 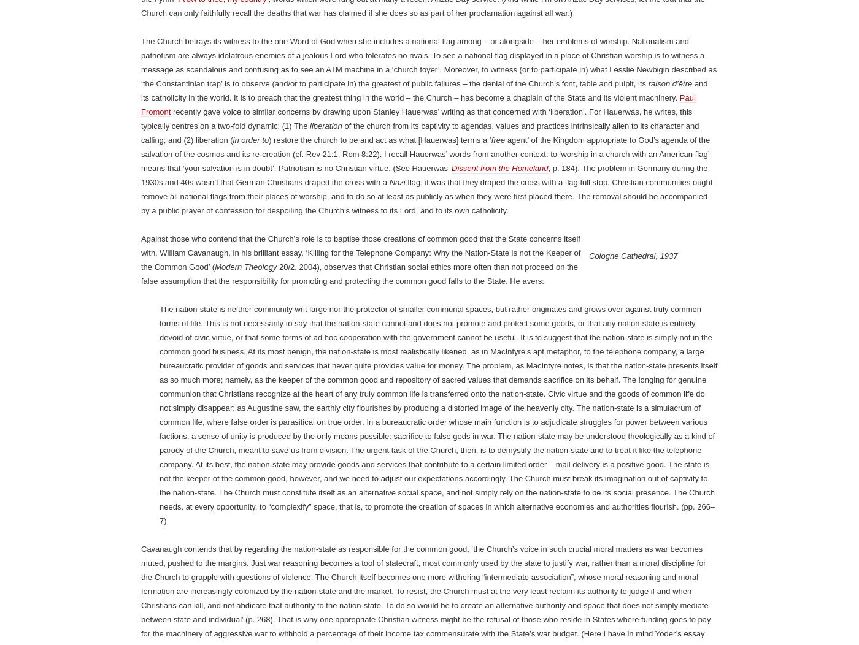 What do you see at coordinates (275, 32) in the screenshot?
I see `'Part II'` at bounding box center [275, 32].